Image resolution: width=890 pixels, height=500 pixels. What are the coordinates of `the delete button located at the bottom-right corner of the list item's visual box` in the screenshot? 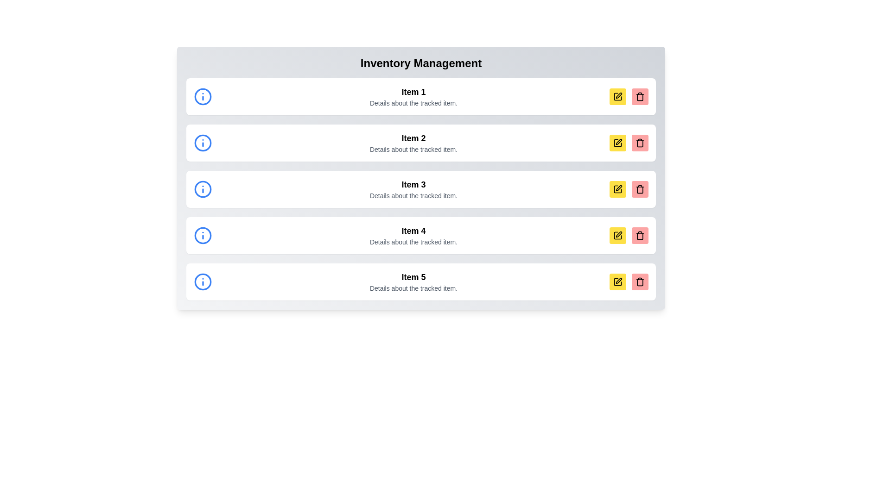 It's located at (640, 188).